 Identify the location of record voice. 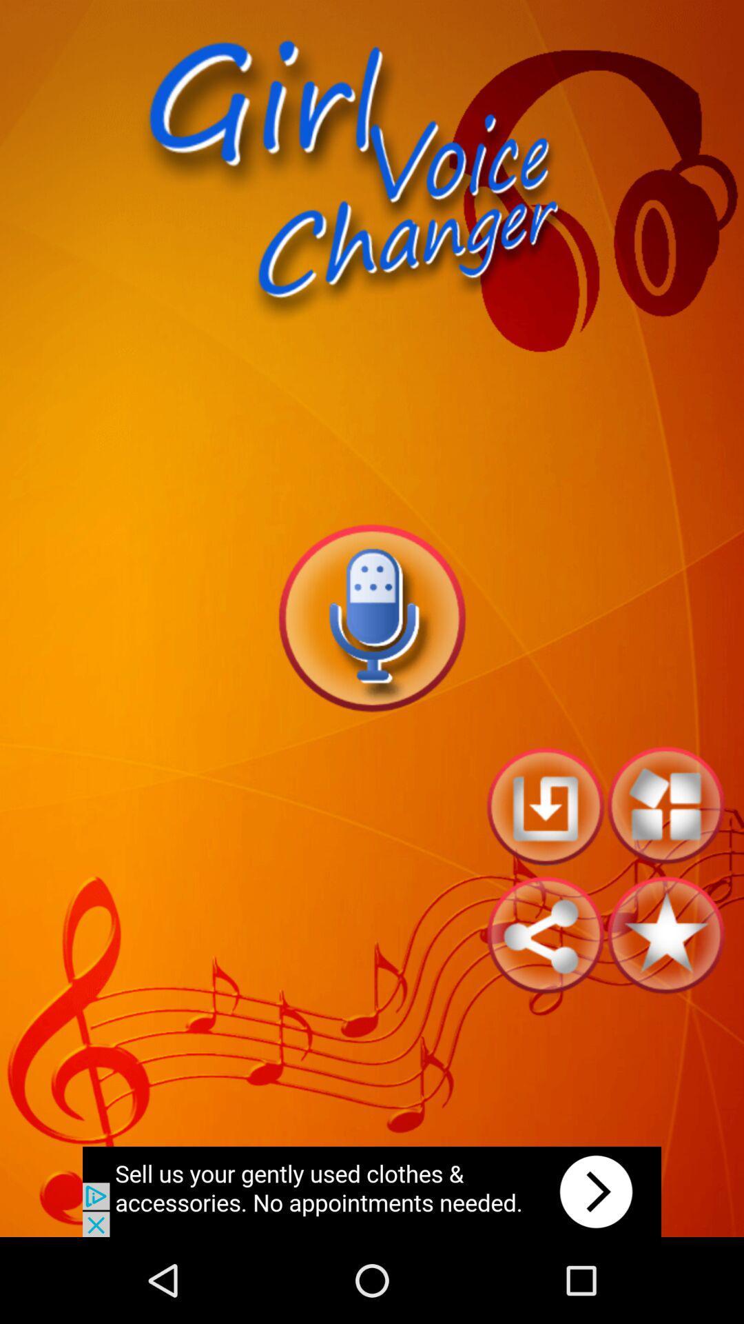
(371, 617).